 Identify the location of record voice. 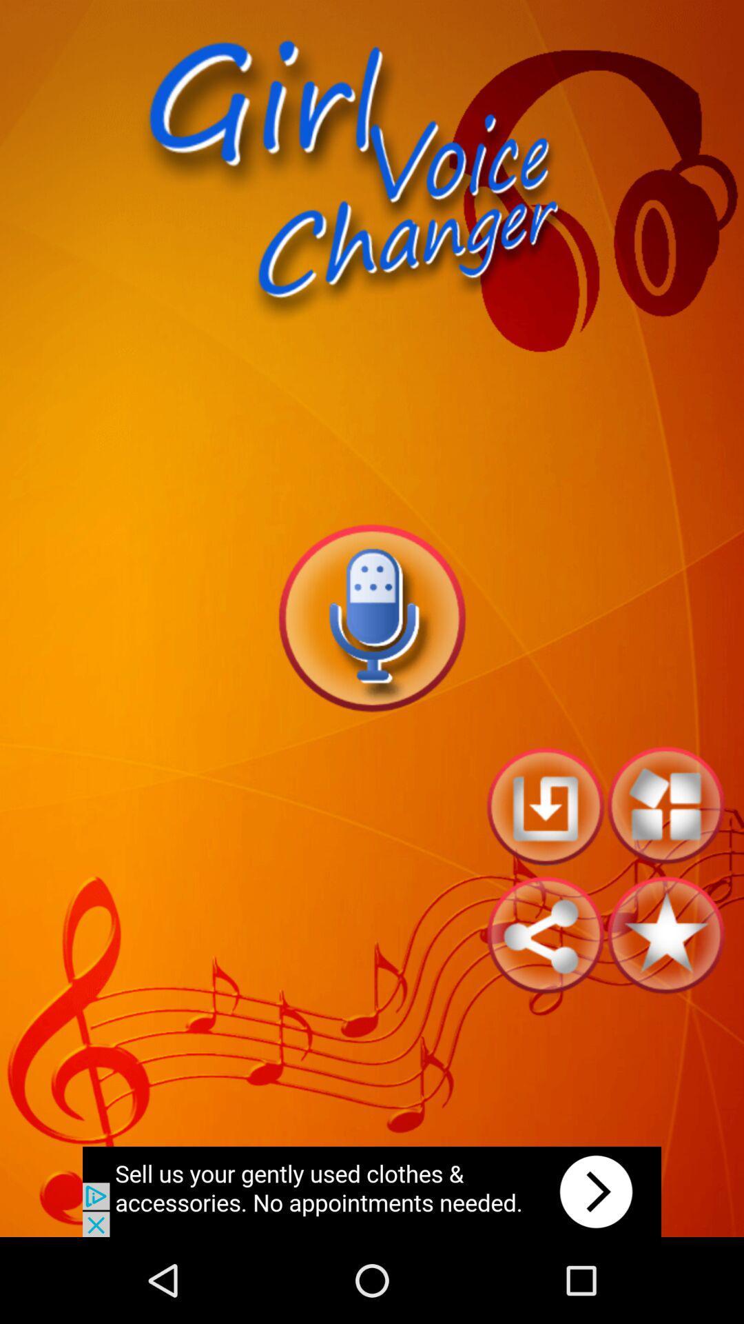
(371, 617).